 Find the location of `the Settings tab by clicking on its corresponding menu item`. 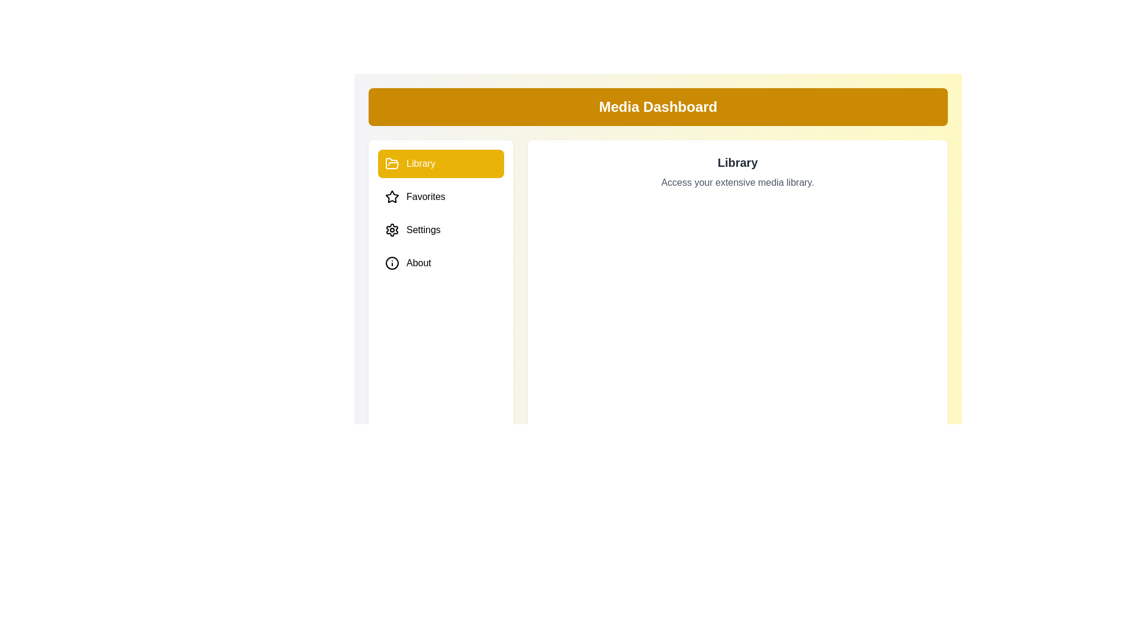

the Settings tab by clicking on its corresponding menu item is located at coordinates (440, 230).